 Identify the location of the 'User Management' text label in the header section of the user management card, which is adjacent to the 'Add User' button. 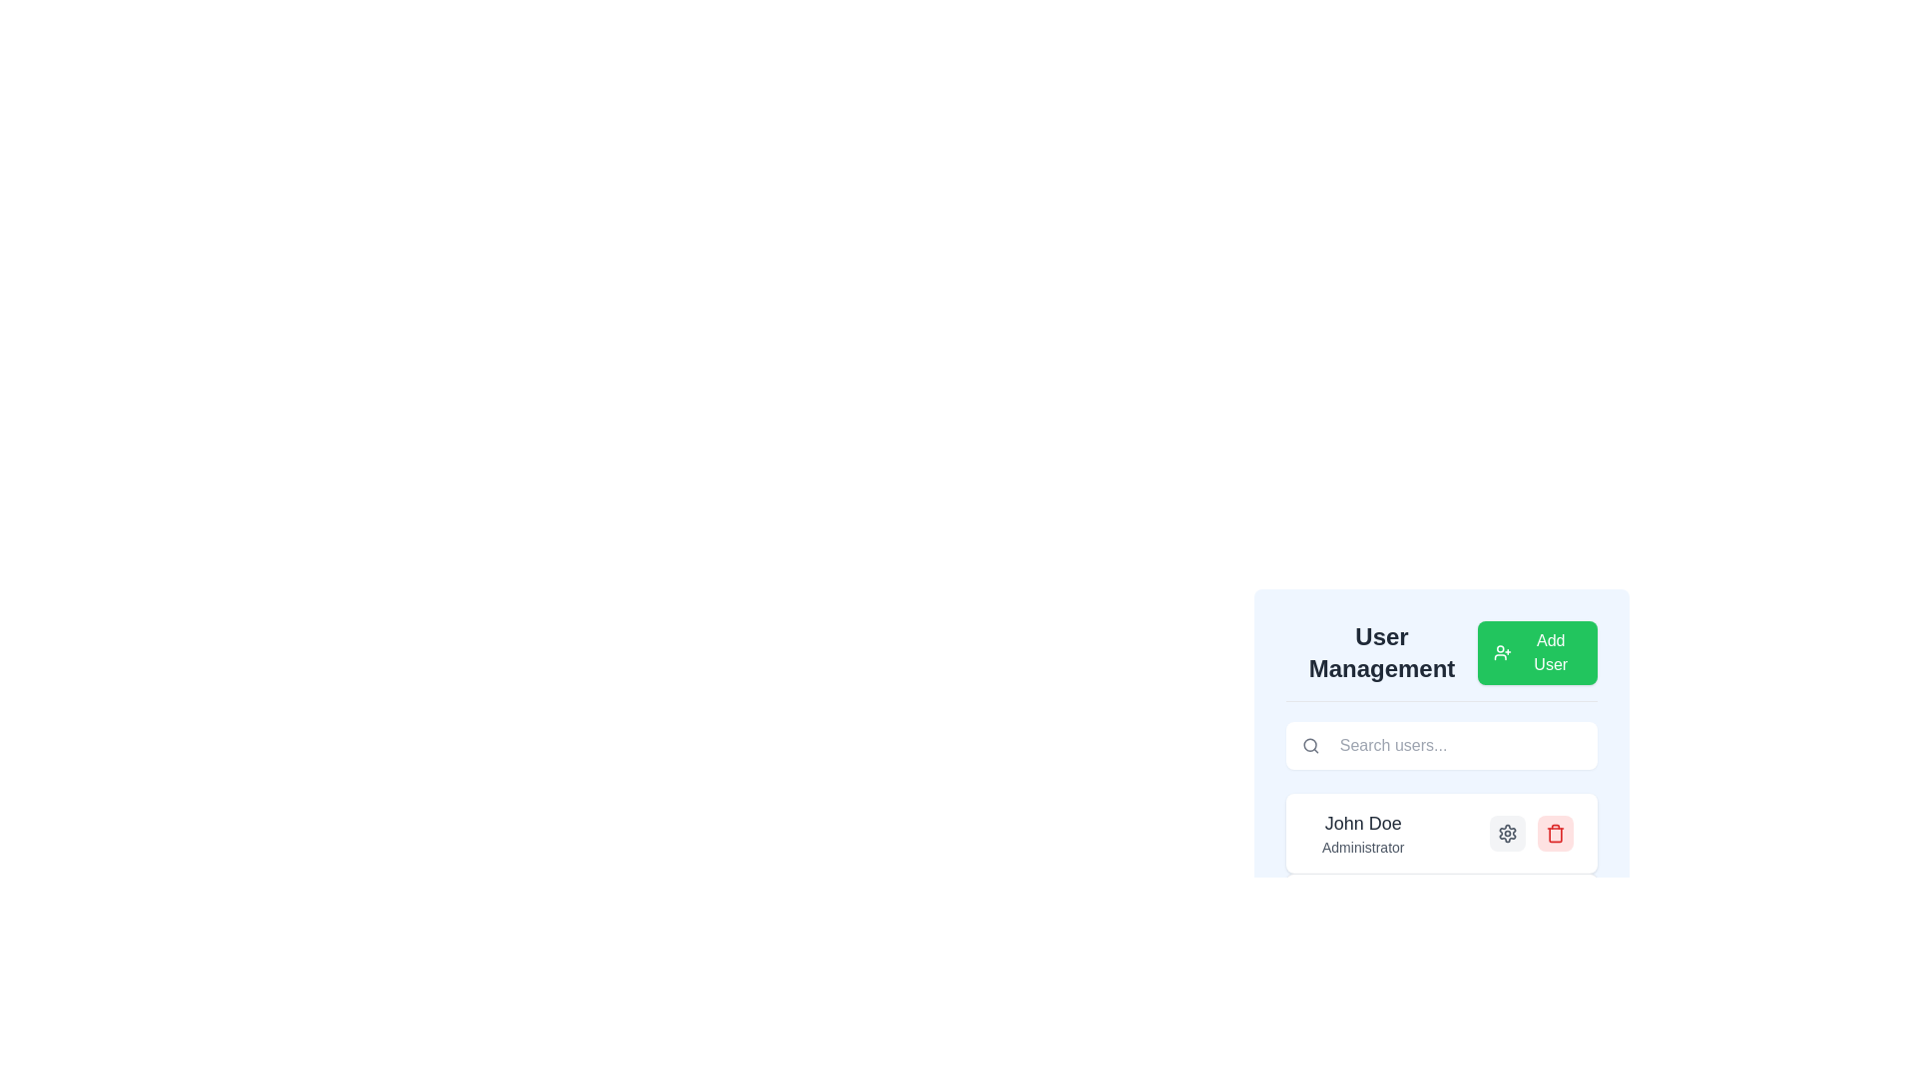
(1441, 661).